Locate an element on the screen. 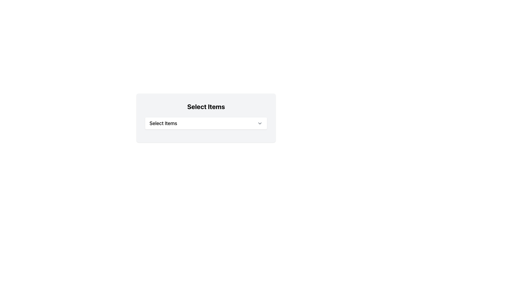 The height and width of the screenshot is (293, 522). the static text element that serves as a label for the dropdown functionality, located to the left of the chevron-down icon is located at coordinates (163, 123).